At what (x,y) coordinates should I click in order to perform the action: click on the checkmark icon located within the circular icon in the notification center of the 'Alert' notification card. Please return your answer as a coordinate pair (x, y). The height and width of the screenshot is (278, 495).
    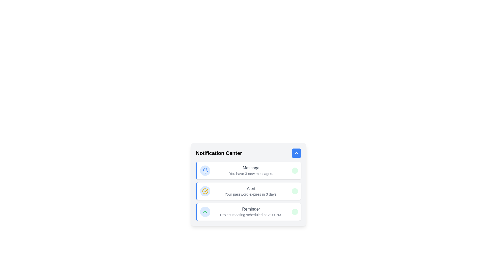
    Looking at the image, I should click on (206, 190).